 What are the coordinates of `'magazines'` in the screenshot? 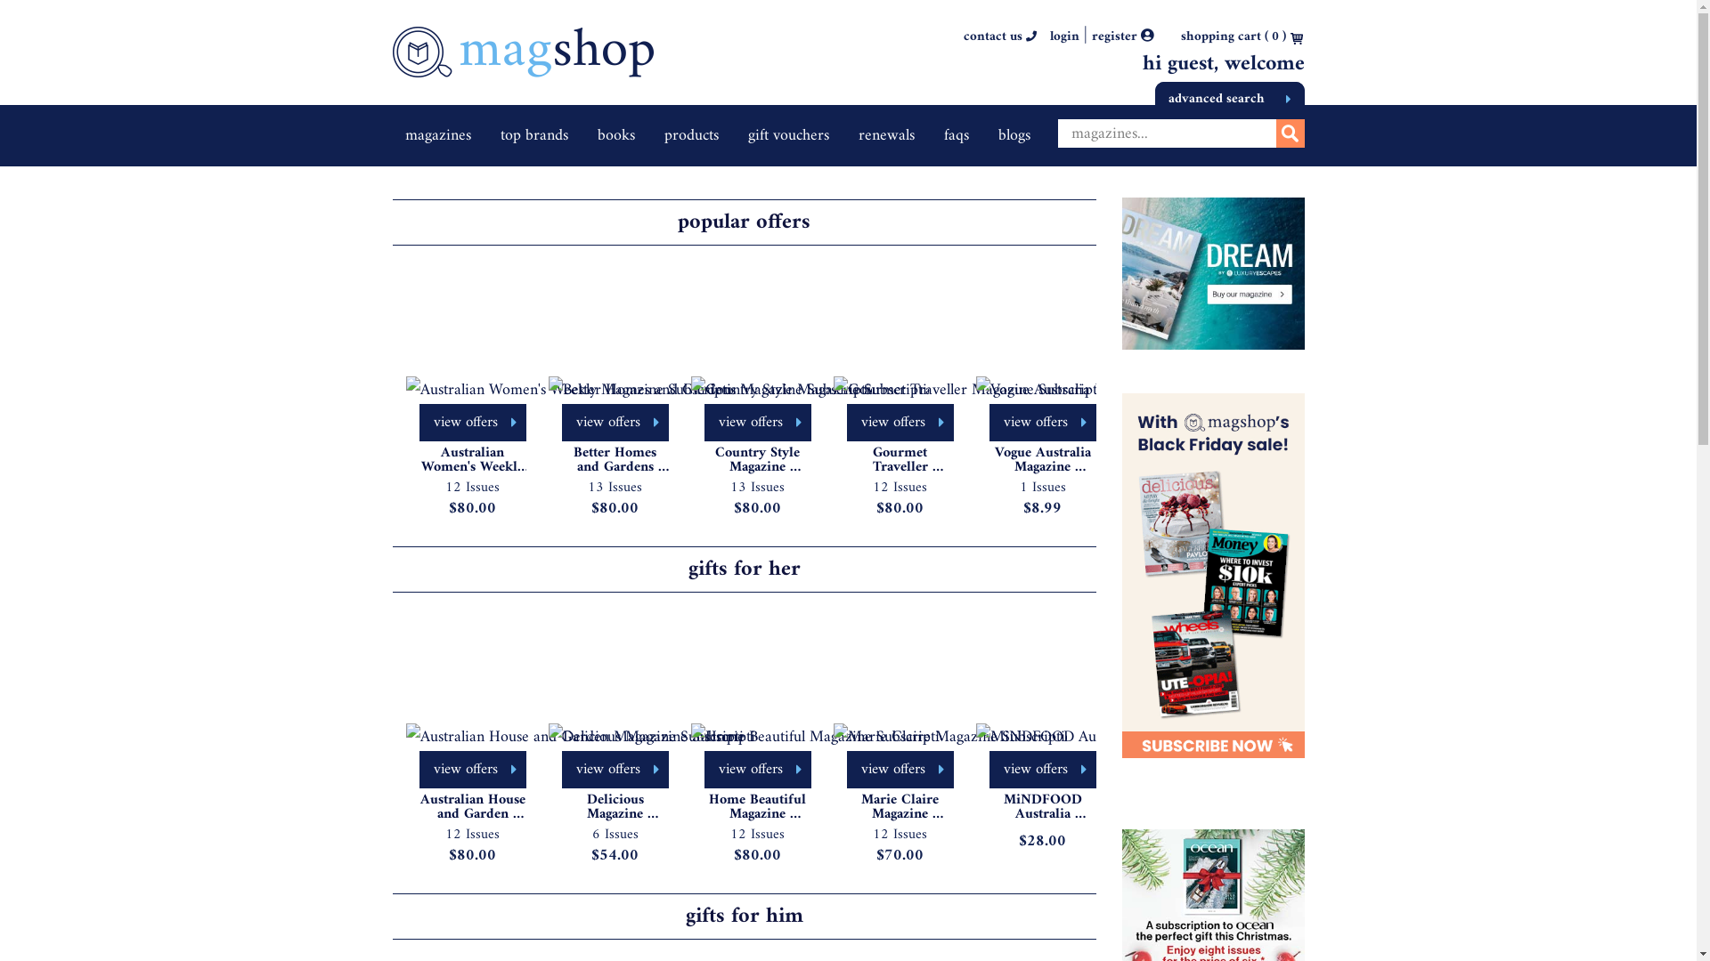 It's located at (436, 134).